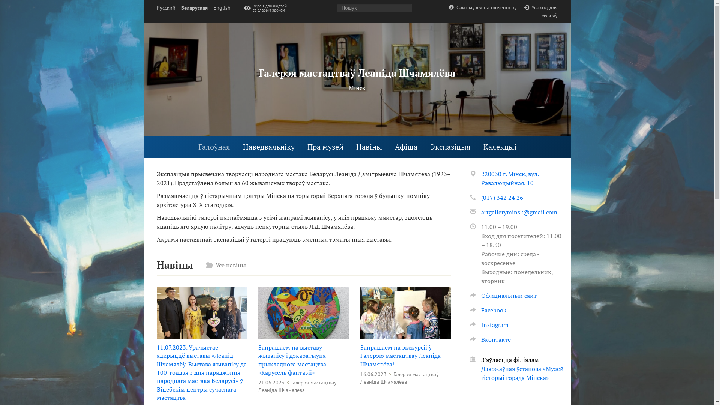 This screenshot has height=405, width=720. I want to click on 'Instagram', so click(489, 324).